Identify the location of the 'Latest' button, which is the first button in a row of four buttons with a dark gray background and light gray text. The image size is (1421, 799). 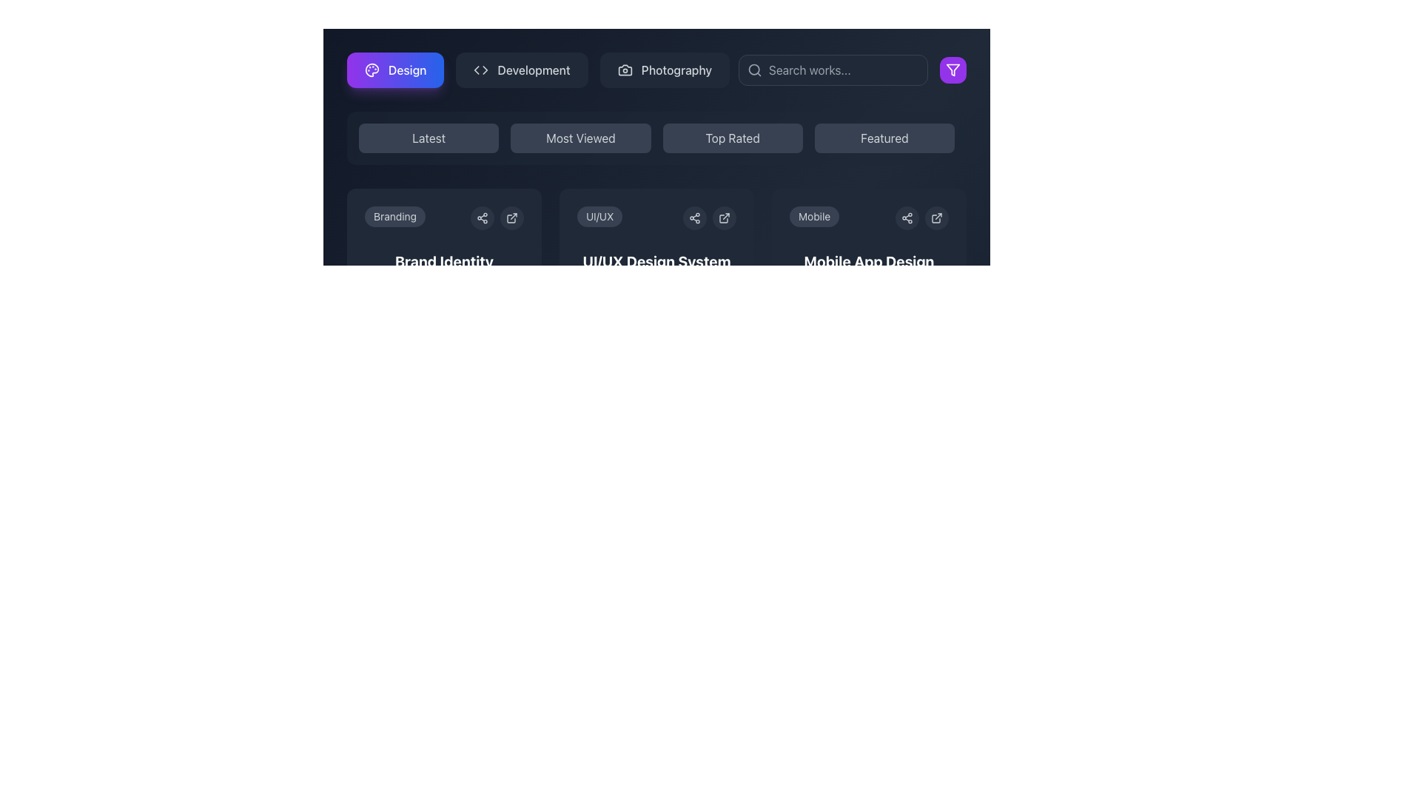
(428, 138).